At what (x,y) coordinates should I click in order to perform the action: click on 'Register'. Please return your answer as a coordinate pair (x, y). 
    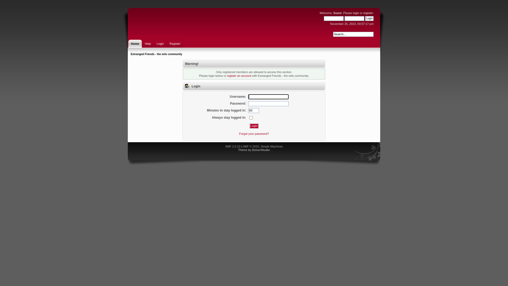
    Looking at the image, I should click on (175, 43).